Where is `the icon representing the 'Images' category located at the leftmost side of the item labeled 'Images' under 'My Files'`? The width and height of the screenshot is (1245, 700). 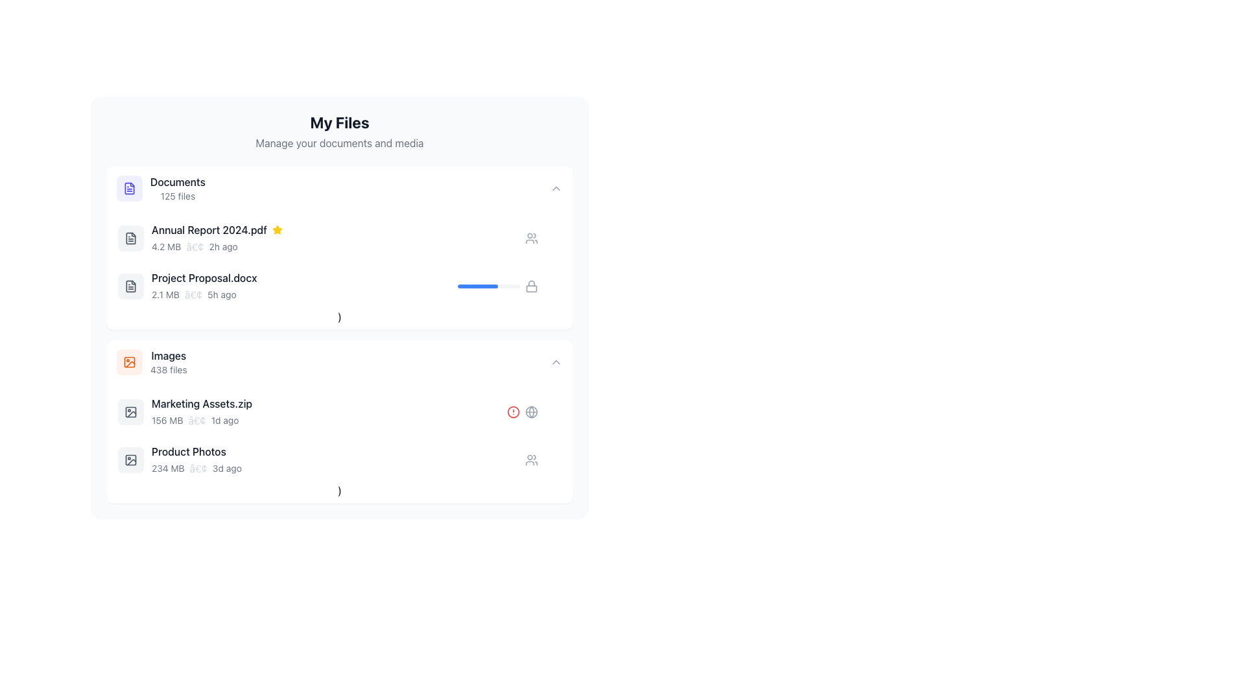 the icon representing the 'Images' category located at the leftmost side of the item labeled 'Images' under 'My Files' is located at coordinates (130, 362).